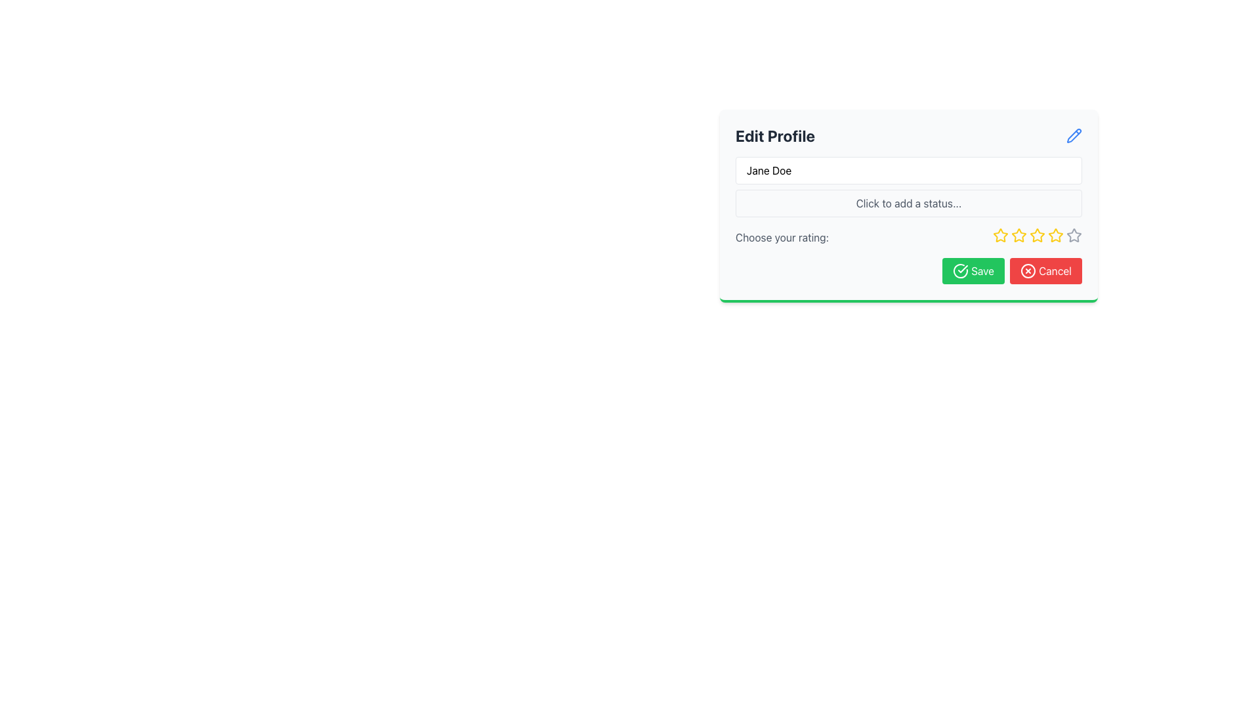  Describe the element at coordinates (1000, 234) in the screenshot. I see `on the first rating star icon` at that location.